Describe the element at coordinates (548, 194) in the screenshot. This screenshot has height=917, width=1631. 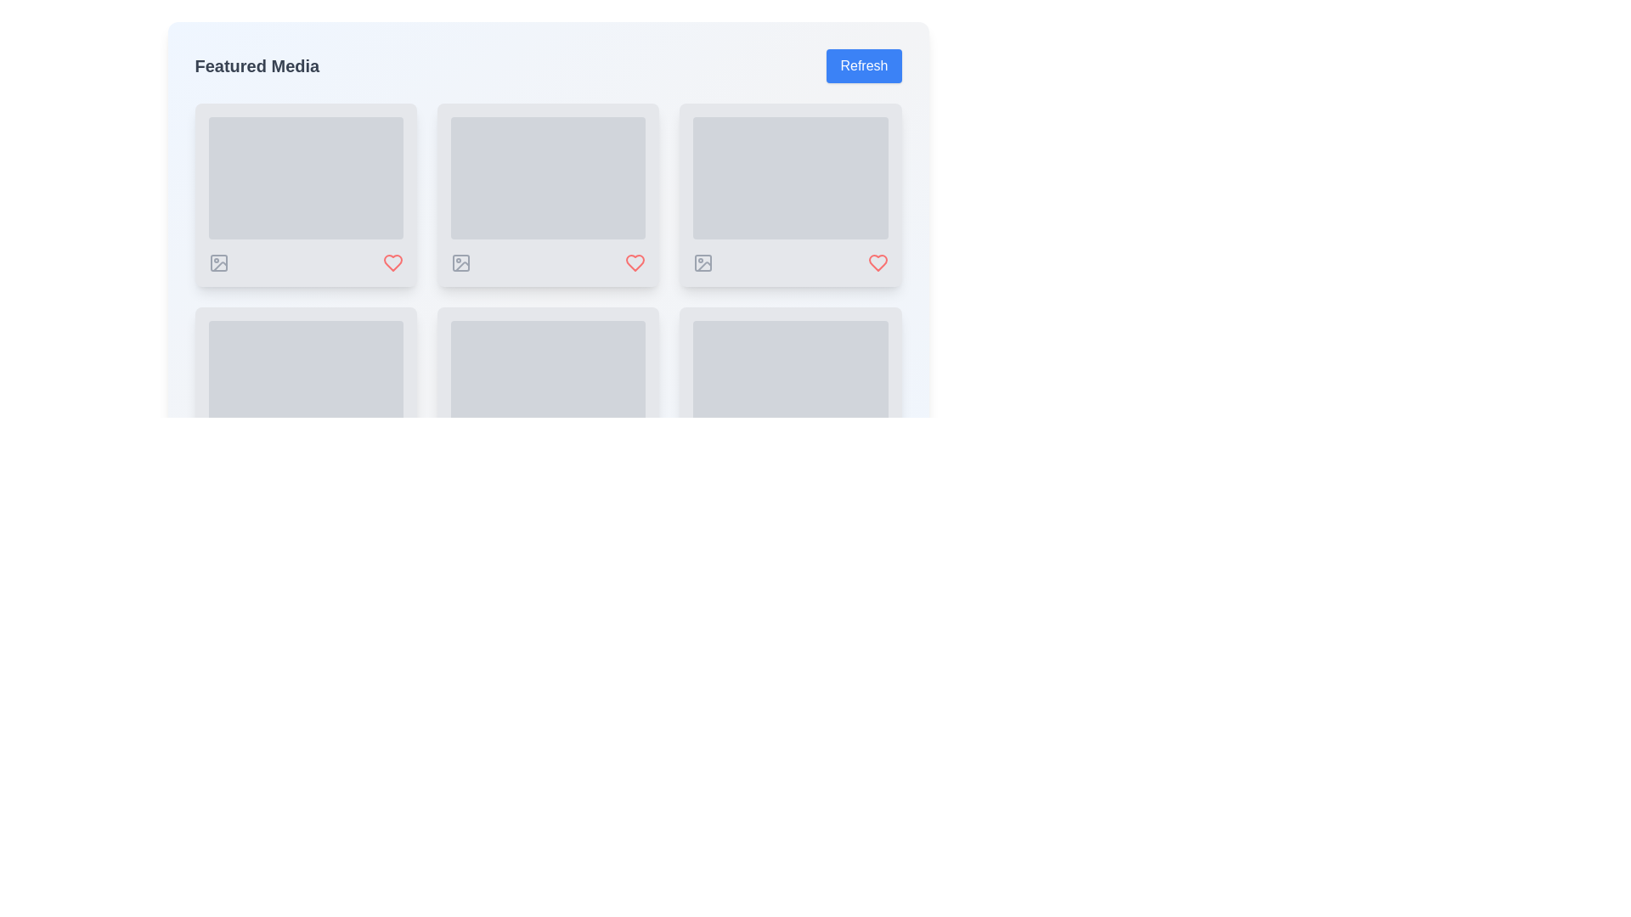
I see `the Card component located in the center column of the grid layout` at that location.